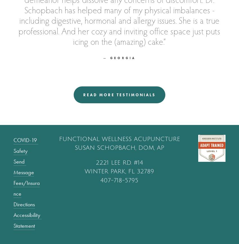 The height and width of the screenshot is (244, 239). I want to click on 'winter park, fl 32789', so click(119, 171).